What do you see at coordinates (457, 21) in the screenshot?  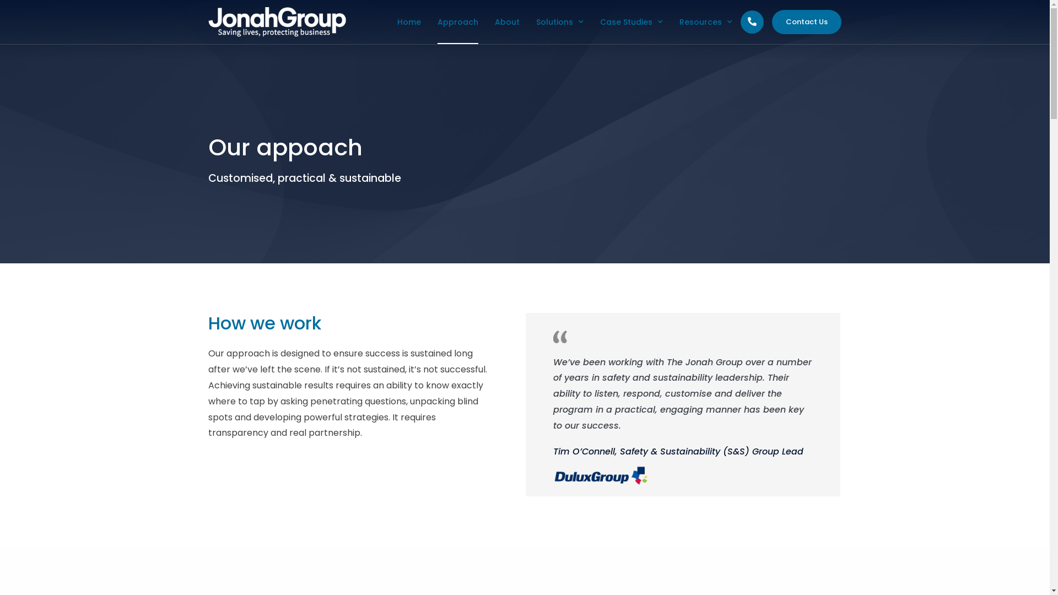 I see `'Approach'` at bounding box center [457, 21].